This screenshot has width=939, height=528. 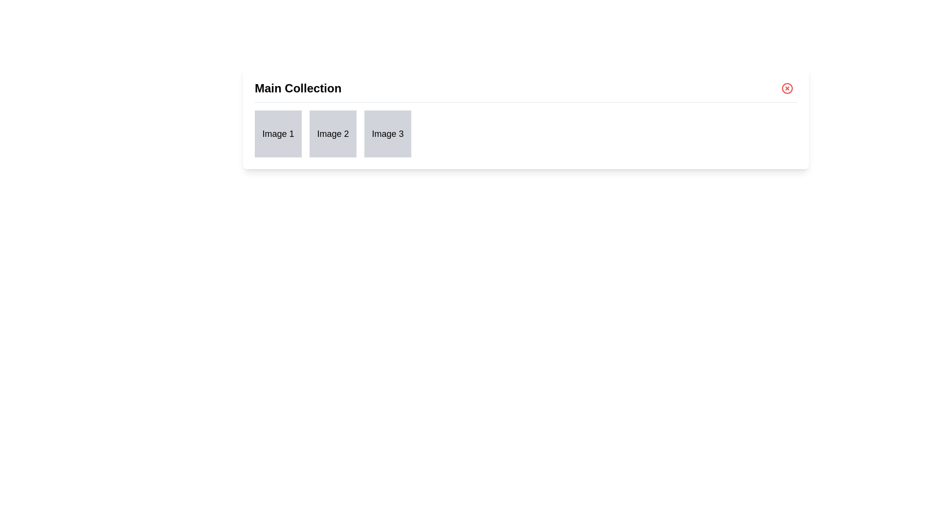 What do you see at coordinates (387, 133) in the screenshot?
I see `the button labeled 'Image 3', which is a square box with a light gray background and centered text. This button is the third in a row of three boxes below the 'Main Collection' heading` at bounding box center [387, 133].